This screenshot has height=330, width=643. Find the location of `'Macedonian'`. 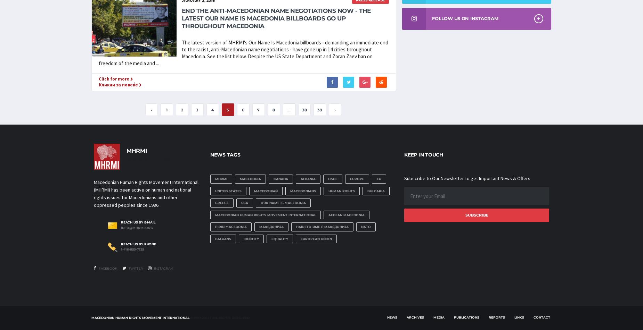

'Macedonian' is located at coordinates (266, 190).